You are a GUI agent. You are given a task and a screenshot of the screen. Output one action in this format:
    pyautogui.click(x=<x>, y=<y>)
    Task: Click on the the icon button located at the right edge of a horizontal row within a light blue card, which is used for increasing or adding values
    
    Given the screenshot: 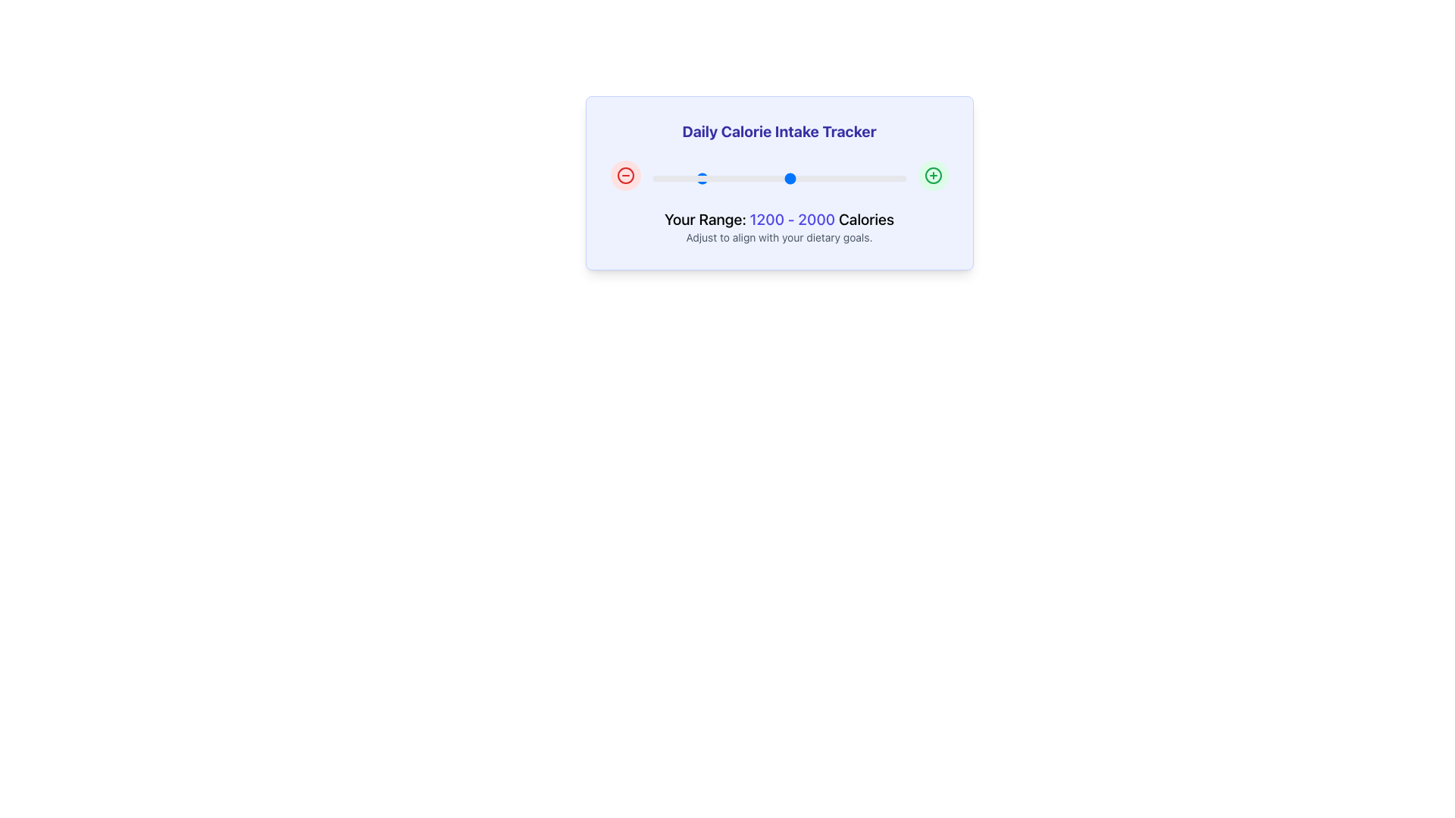 What is the action you would take?
    pyautogui.click(x=932, y=174)
    